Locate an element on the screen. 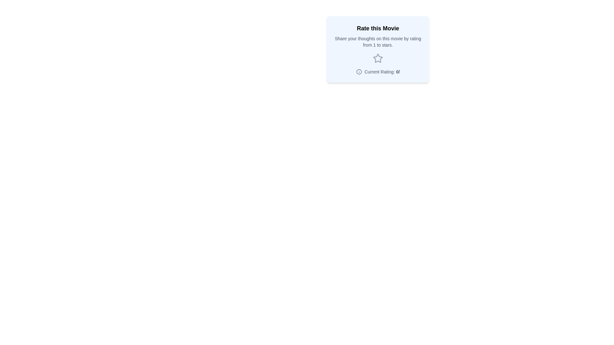 The image size is (614, 345). the static text providing instructions for the rating functionality, positioned directly below the title 'Rate this Movie' in the card-like layout is located at coordinates (378, 42).